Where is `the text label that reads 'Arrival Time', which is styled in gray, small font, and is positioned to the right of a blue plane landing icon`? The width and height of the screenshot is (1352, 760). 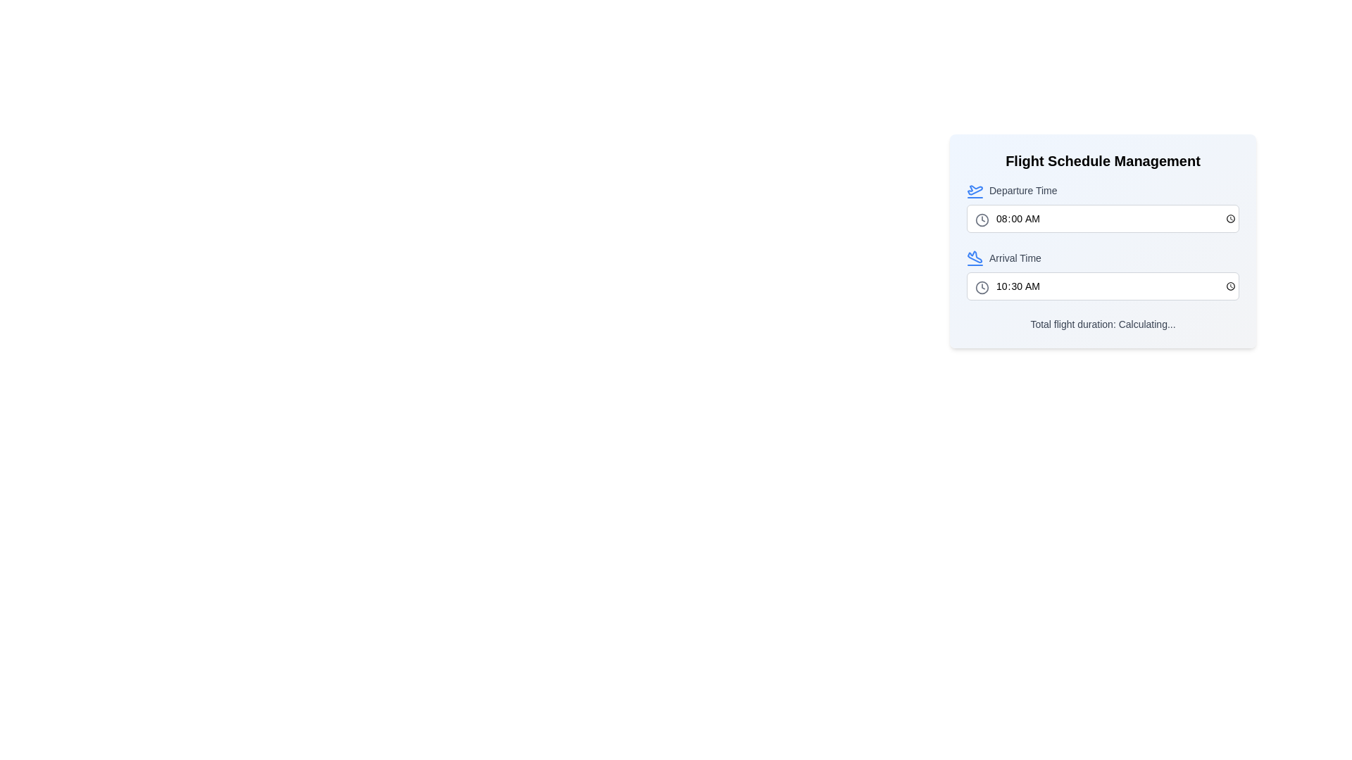 the text label that reads 'Arrival Time', which is styled in gray, small font, and is positioned to the right of a blue plane landing icon is located at coordinates (1015, 258).